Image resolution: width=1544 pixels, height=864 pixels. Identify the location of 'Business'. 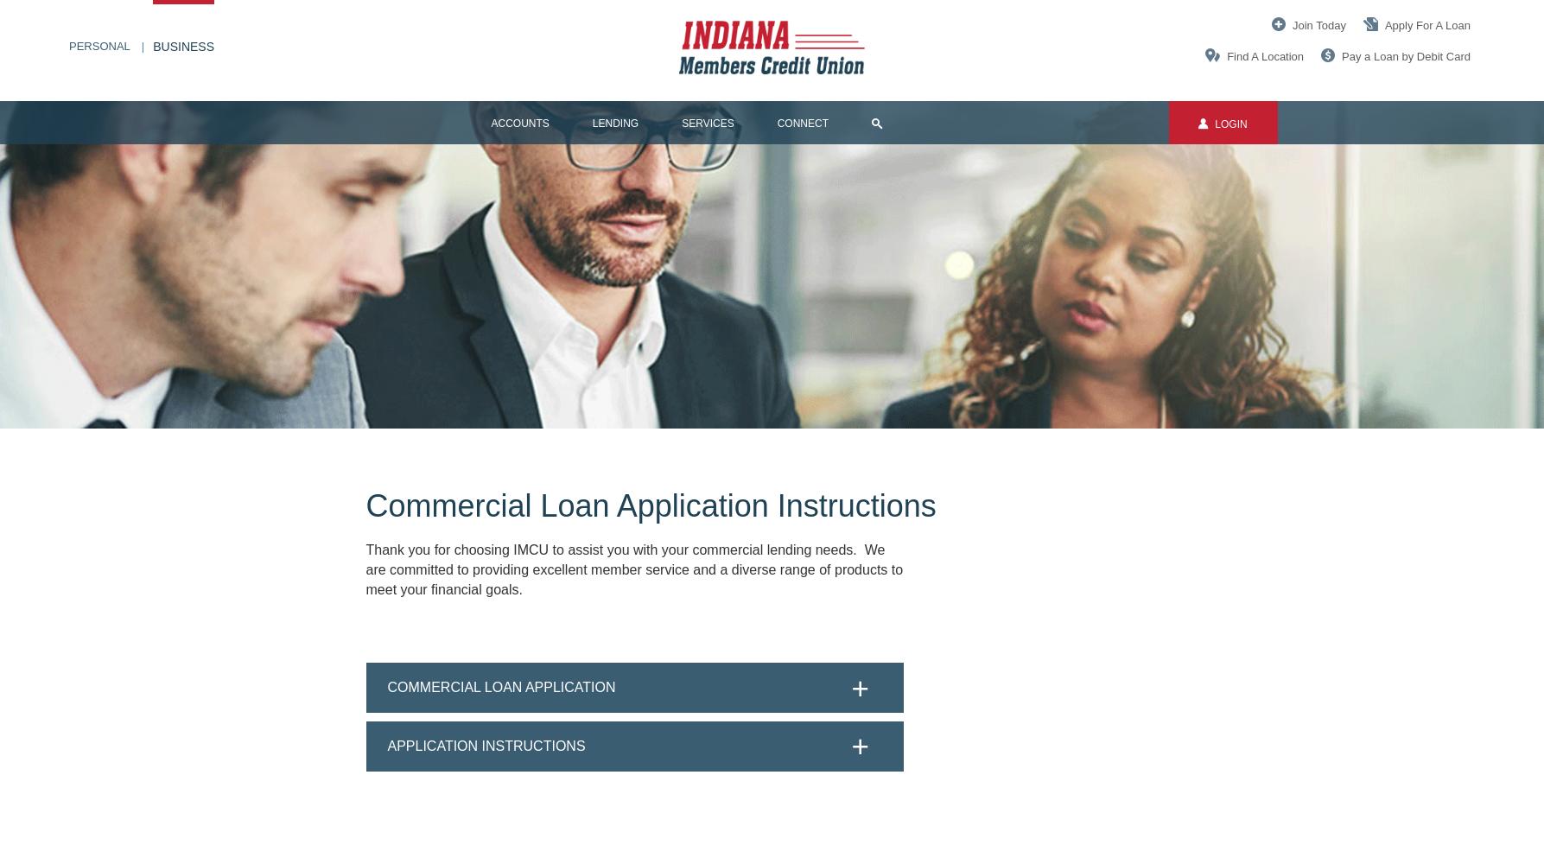
(182, 47).